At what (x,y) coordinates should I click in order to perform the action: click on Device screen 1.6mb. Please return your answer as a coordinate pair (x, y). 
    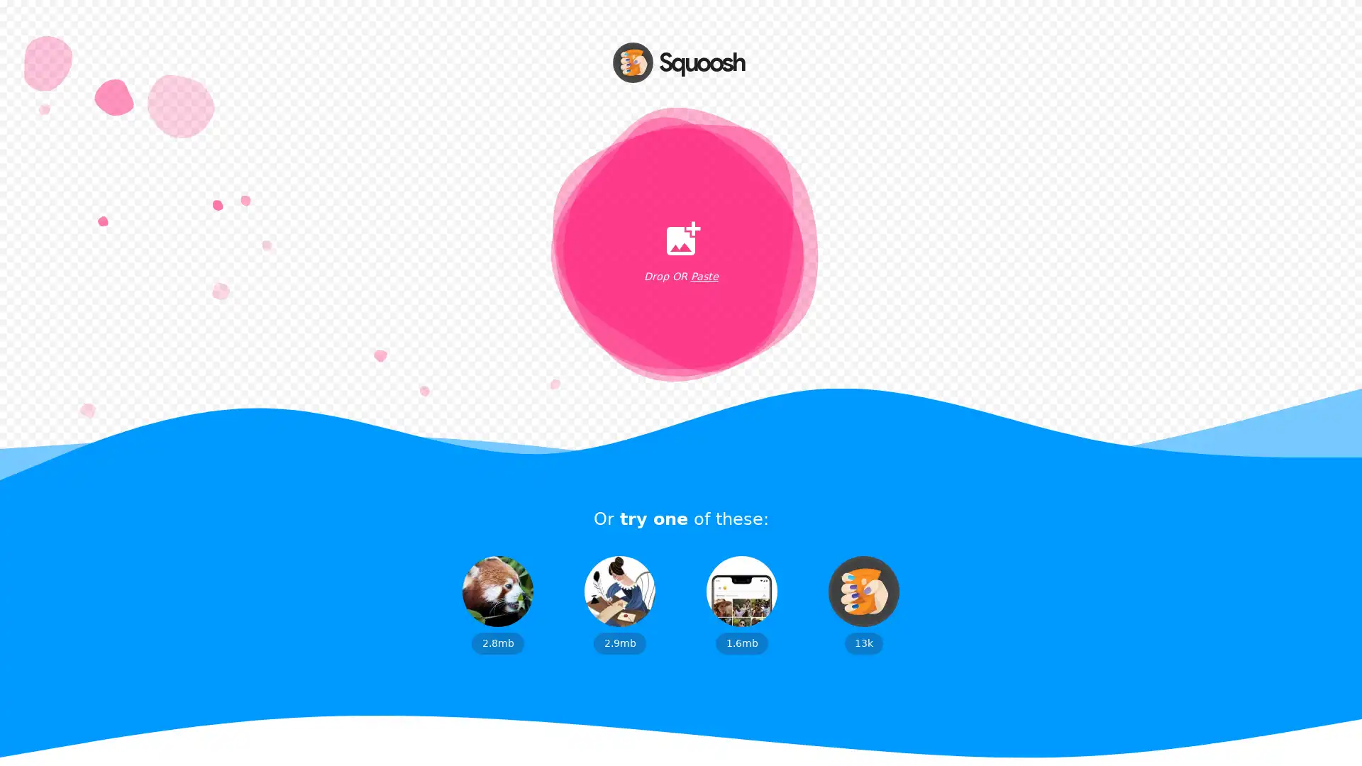
    Looking at the image, I should click on (741, 604).